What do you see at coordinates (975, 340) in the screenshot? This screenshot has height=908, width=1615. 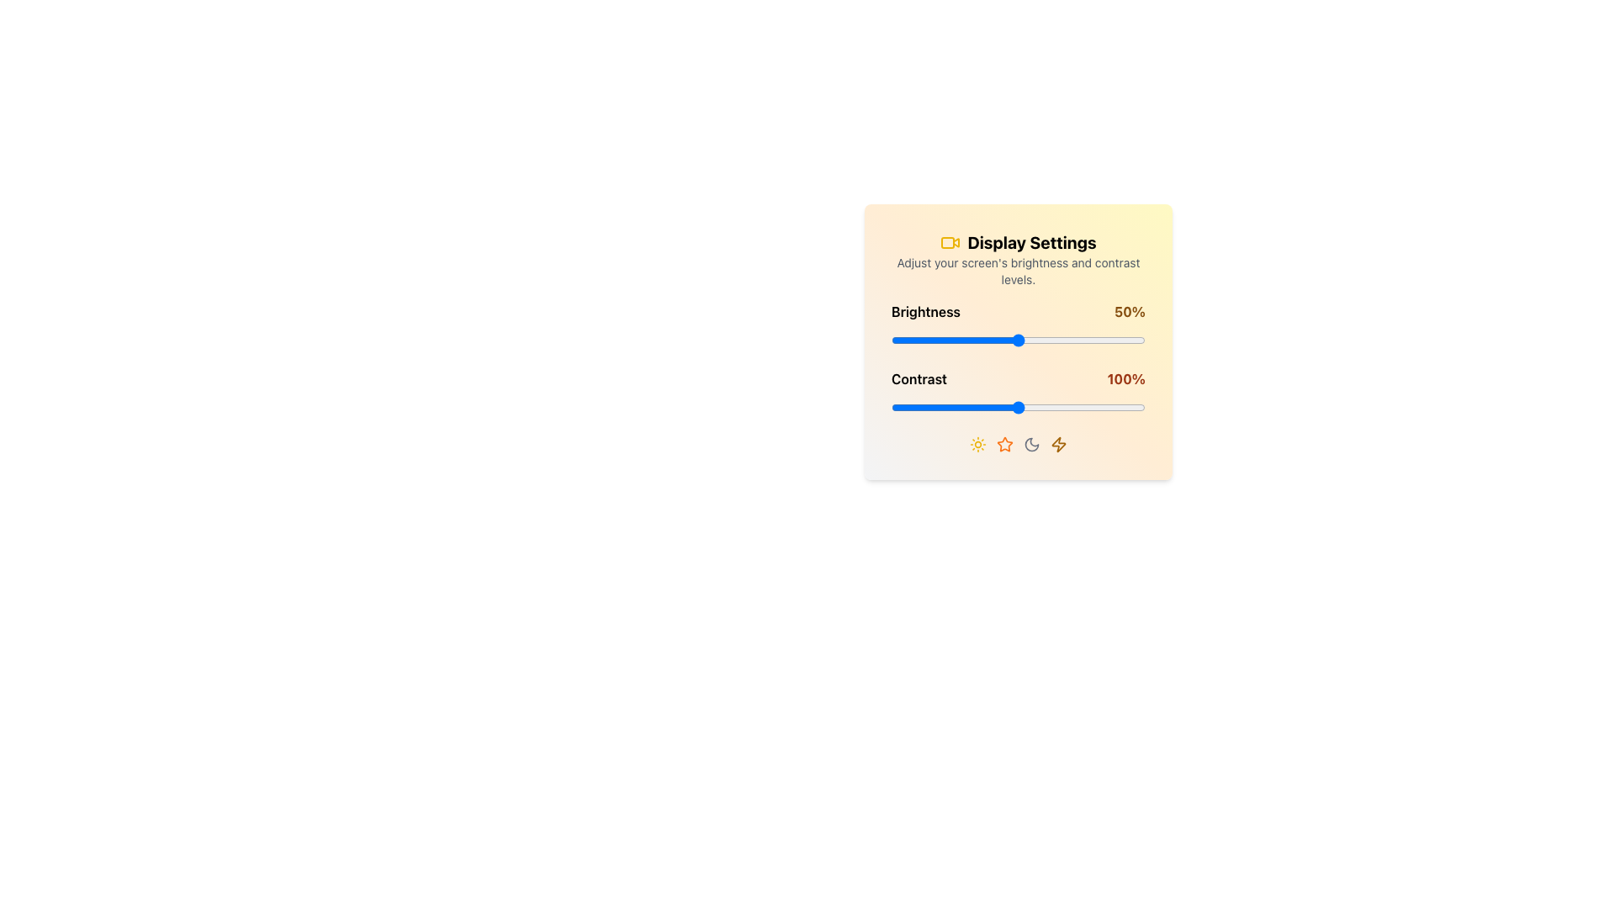 I see `the brightness` at bounding box center [975, 340].